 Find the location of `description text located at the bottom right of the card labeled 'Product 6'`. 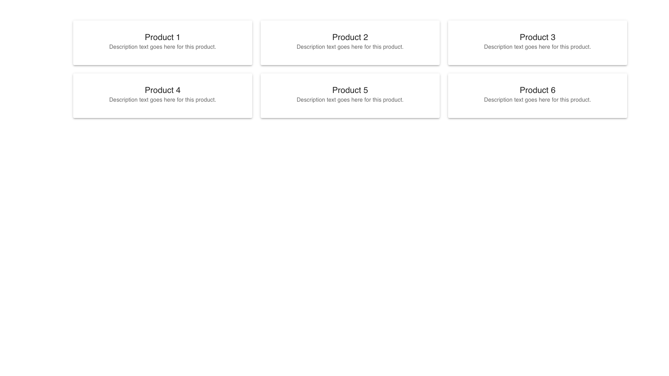

description text located at the bottom right of the card labeled 'Product 6' is located at coordinates (537, 100).